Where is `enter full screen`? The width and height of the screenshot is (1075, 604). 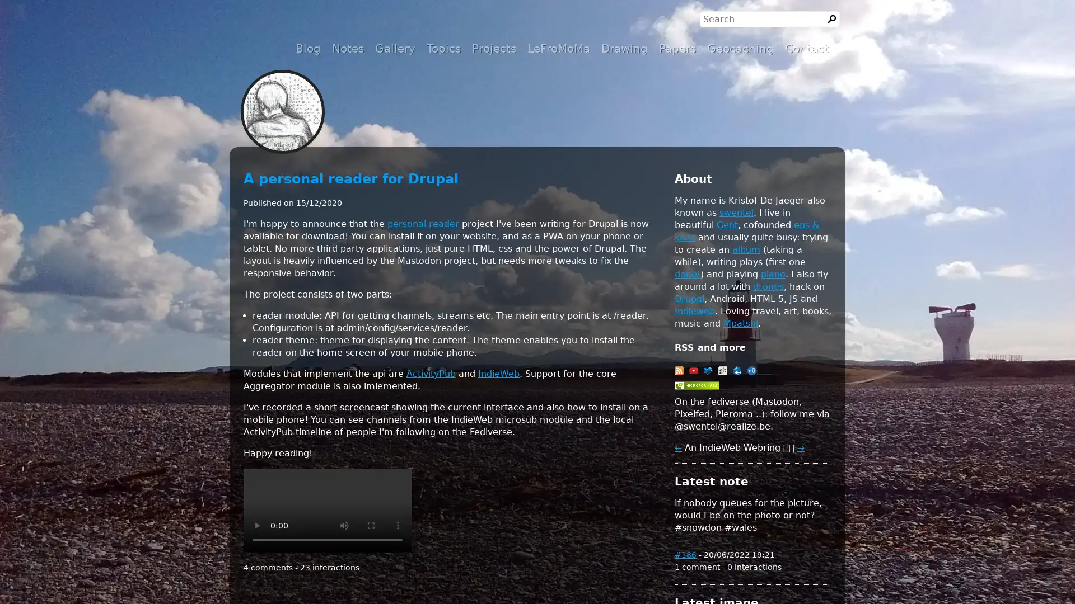 enter full screen is located at coordinates (371, 525).